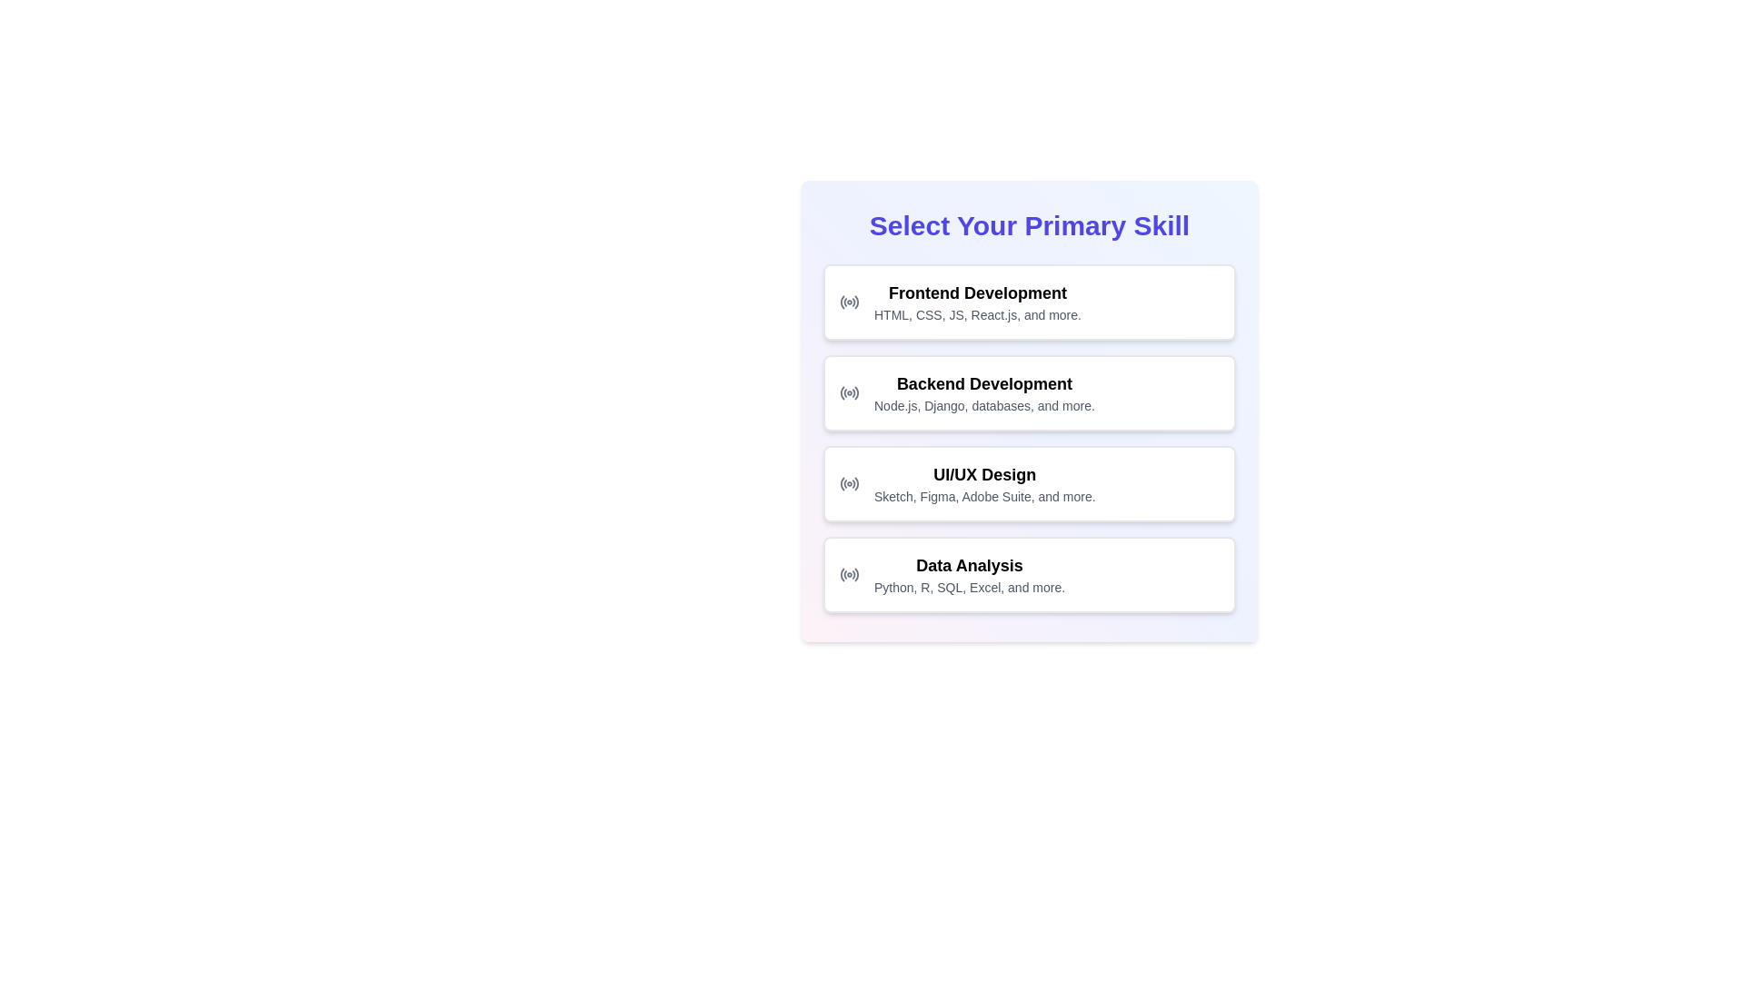 This screenshot has height=981, width=1745. I want to click on the text label 'Data Analysis' which is part of the fourth selectable card in a vertical list, located at the bottom, immediately below 'UI/UX Design', so click(969, 574).